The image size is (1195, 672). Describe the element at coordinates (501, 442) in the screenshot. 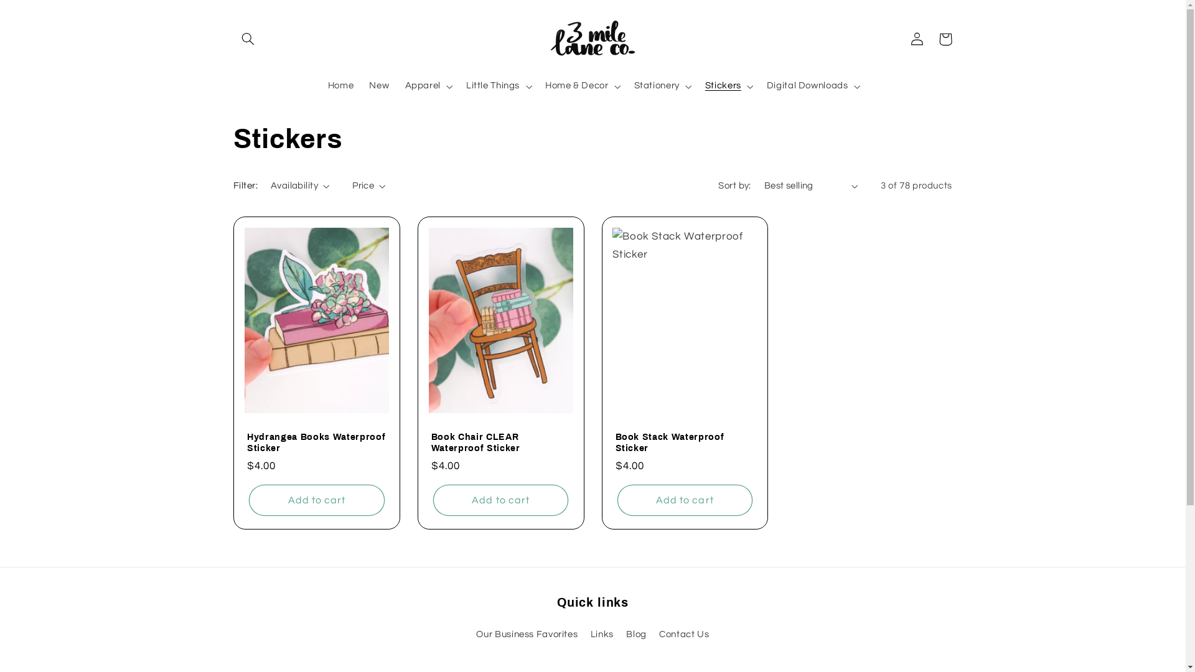

I see `'Book Chair CLEAR Waterproof Sticker'` at that location.